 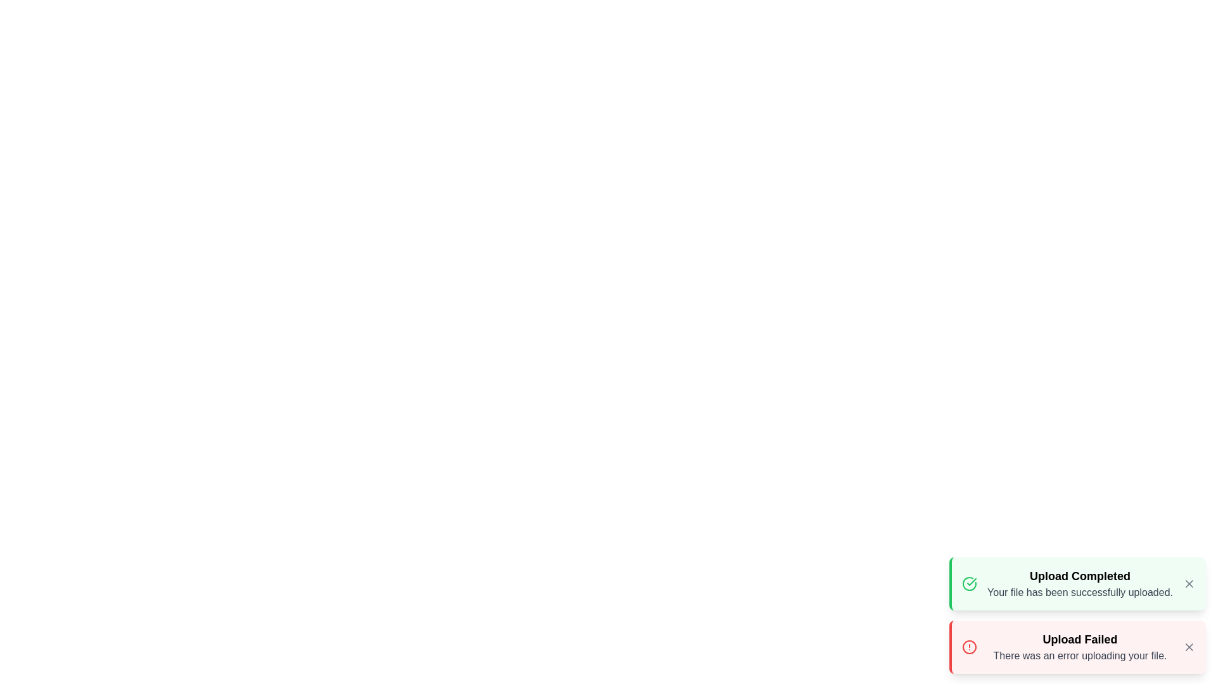 I want to click on message that says 'Your file has been successfully uploaded.' located in the notification box labeled 'Upload Completed.', so click(x=1079, y=593).